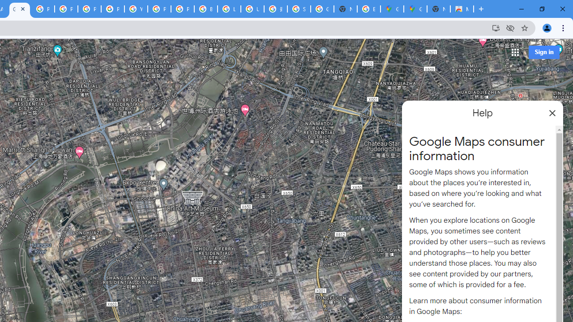 The height and width of the screenshot is (322, 573). I want to click on 'Policy Accountability and Transparency - Transparency Center', so click(43, 9).